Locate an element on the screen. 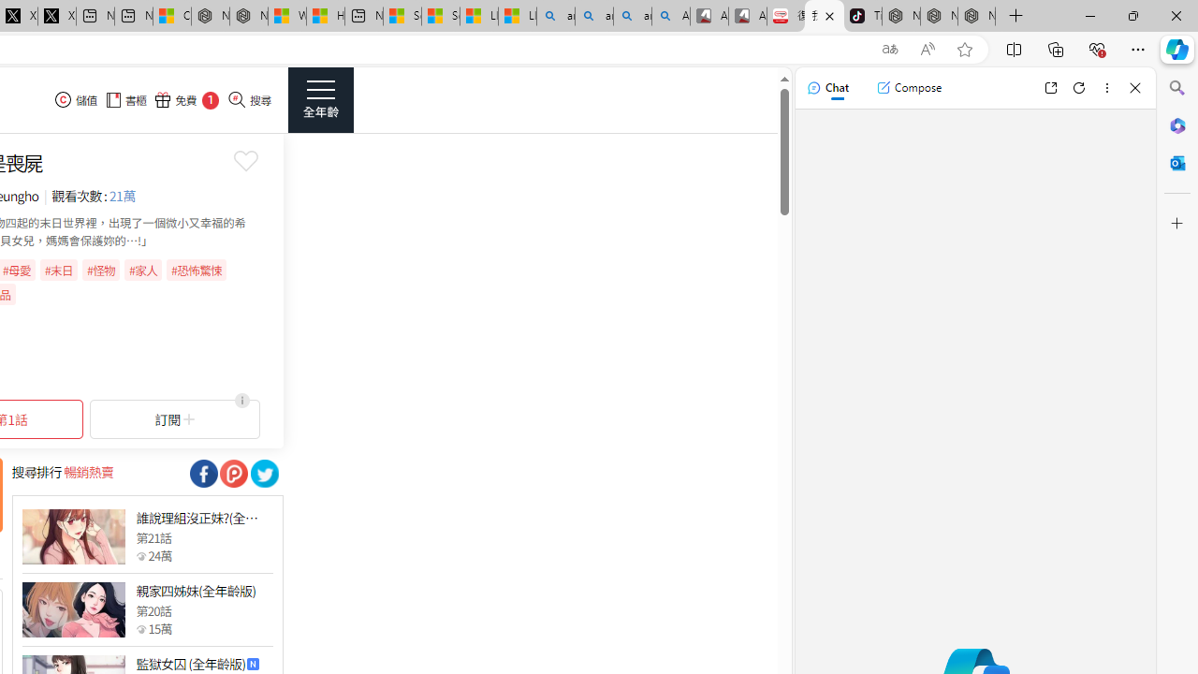 The image size is (1198, 674). 'New Tab' is located at coordinates (1015, 16).